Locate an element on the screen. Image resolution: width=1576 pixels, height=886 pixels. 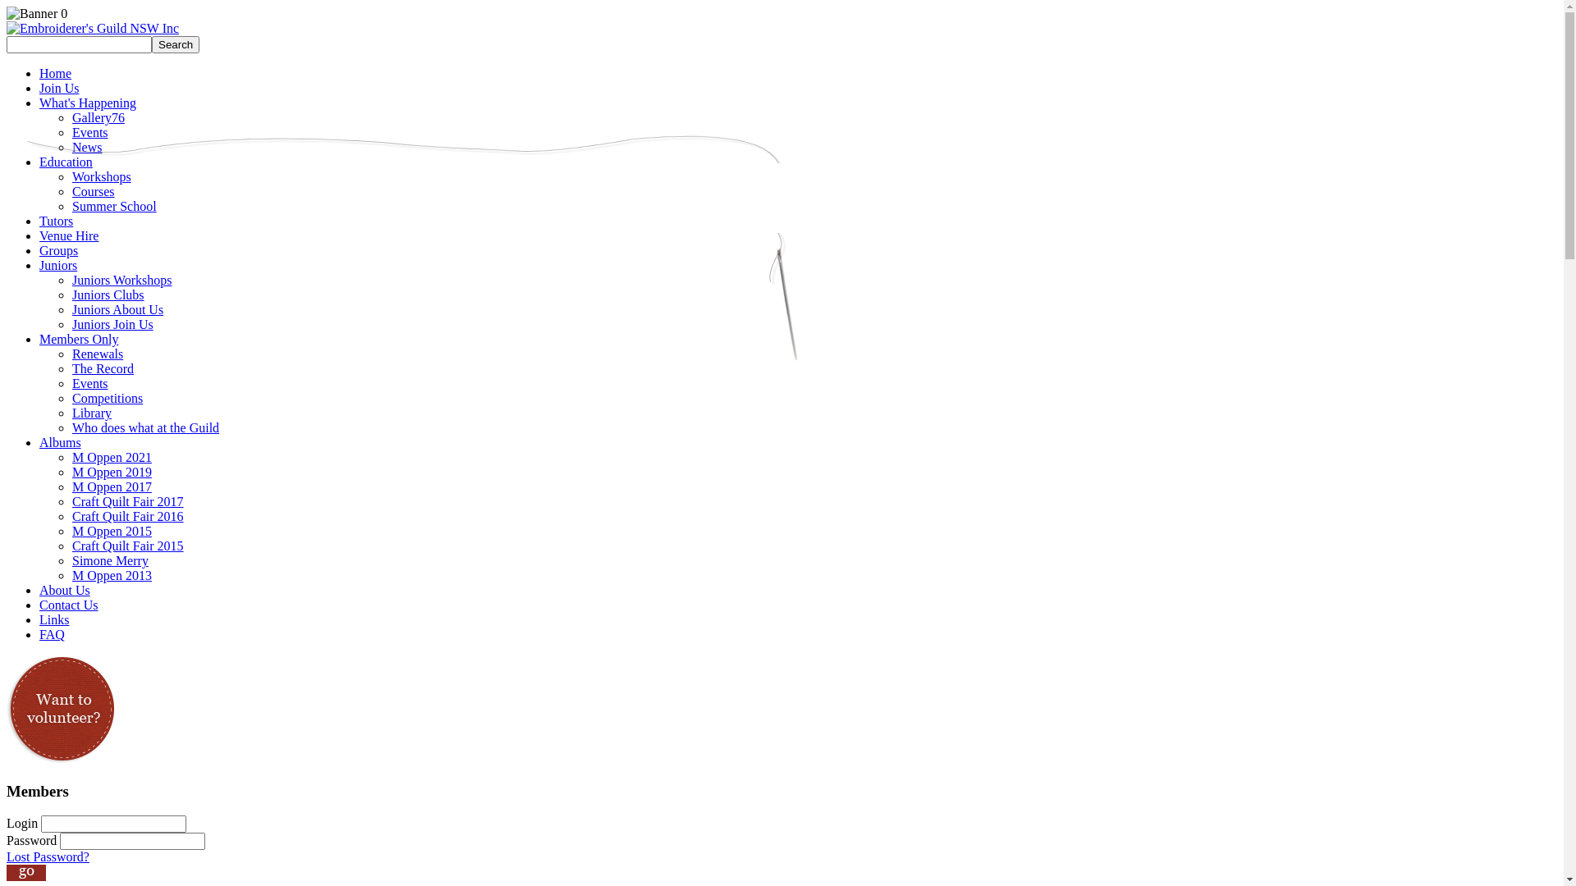
'Craft Quilt Fair 2017' is located at coordinates (127, 500).